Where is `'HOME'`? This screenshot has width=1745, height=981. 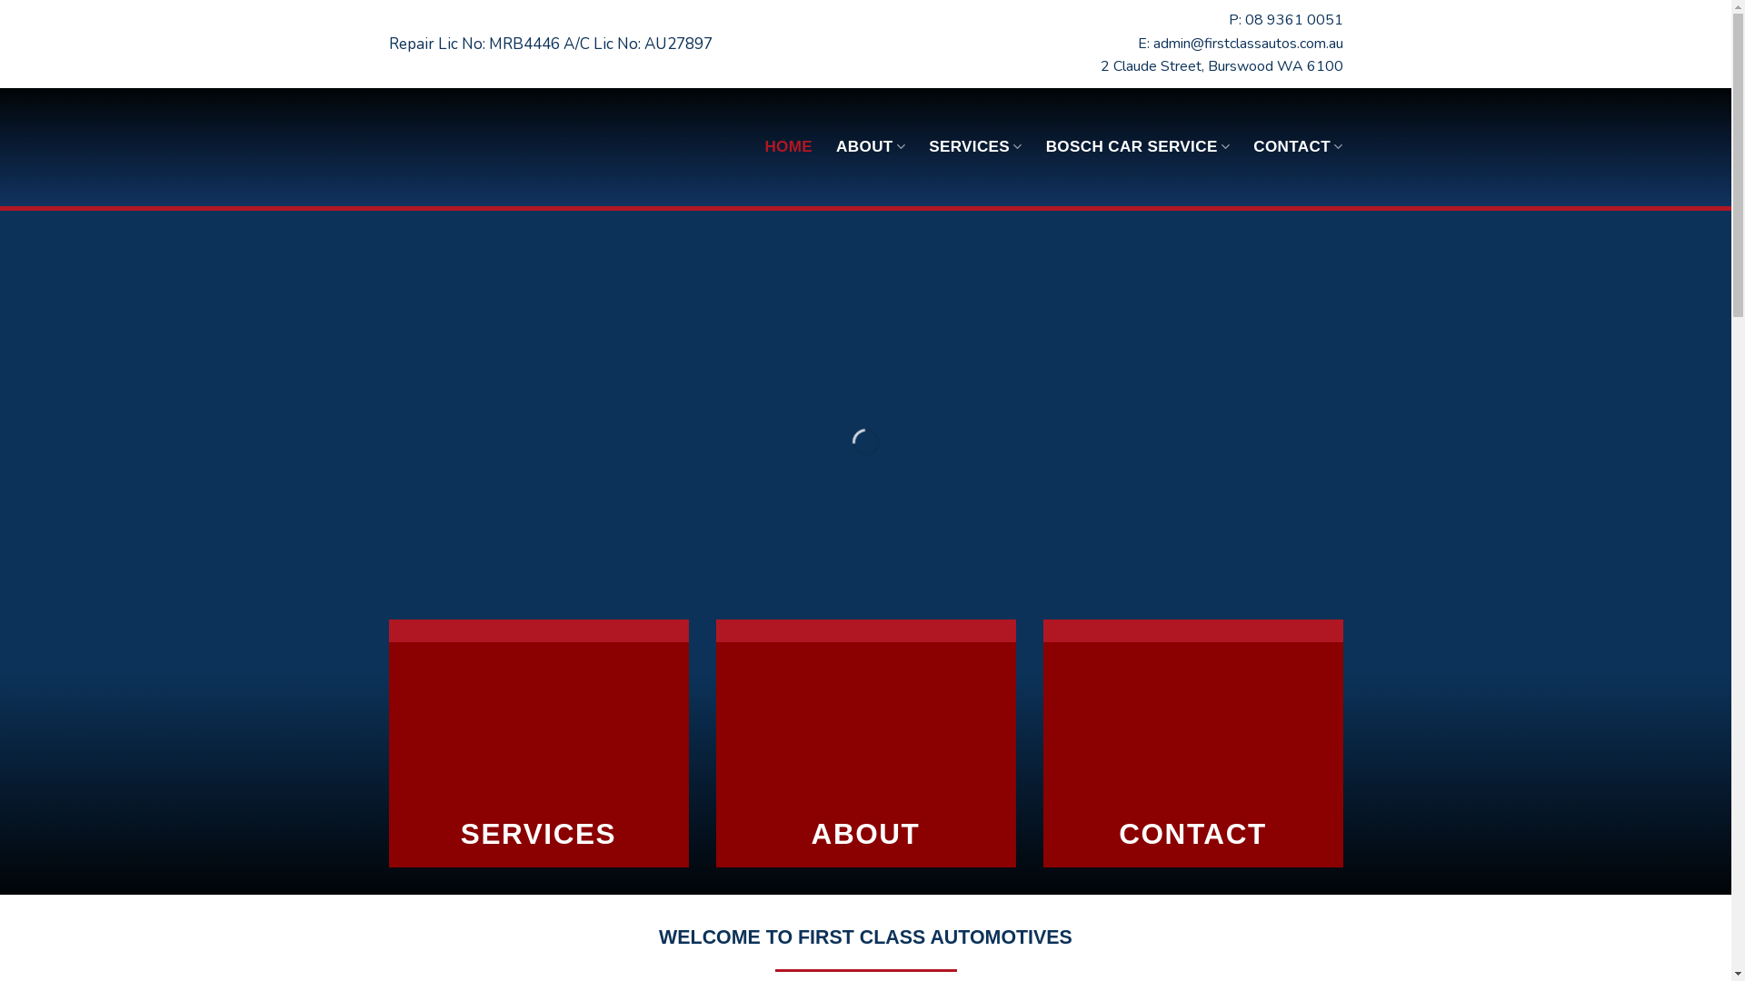 'HOME' is located at coordinates (788, 146).